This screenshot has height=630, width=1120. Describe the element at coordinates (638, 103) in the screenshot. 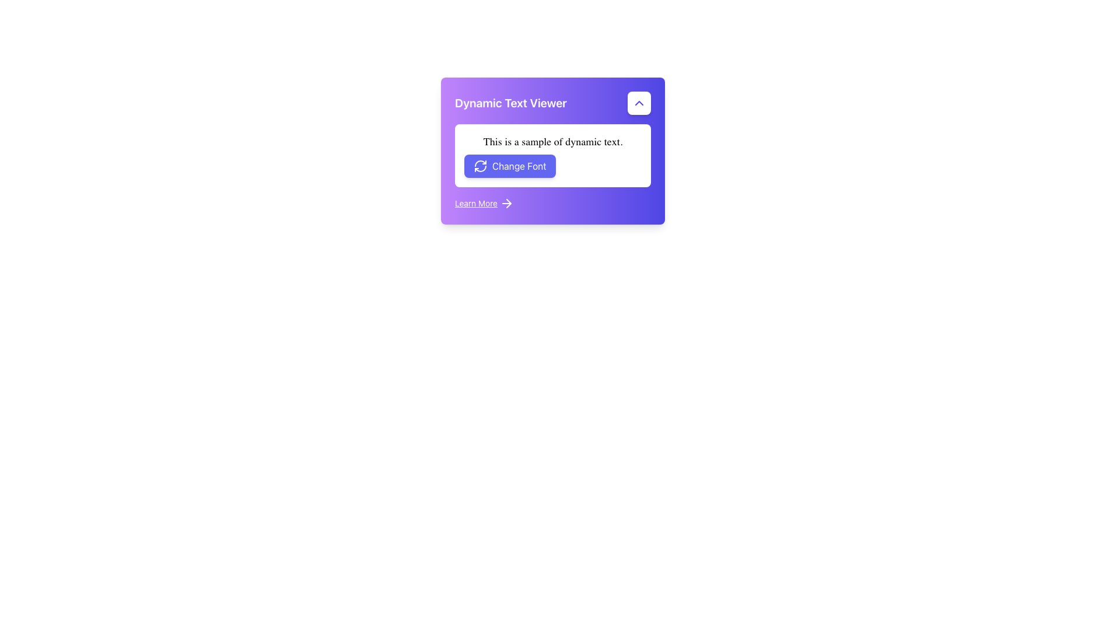

I see `the small upward-pointing chevron icon located at the top-right corner of the 'Dynamic Text Viewer' card` at that location.